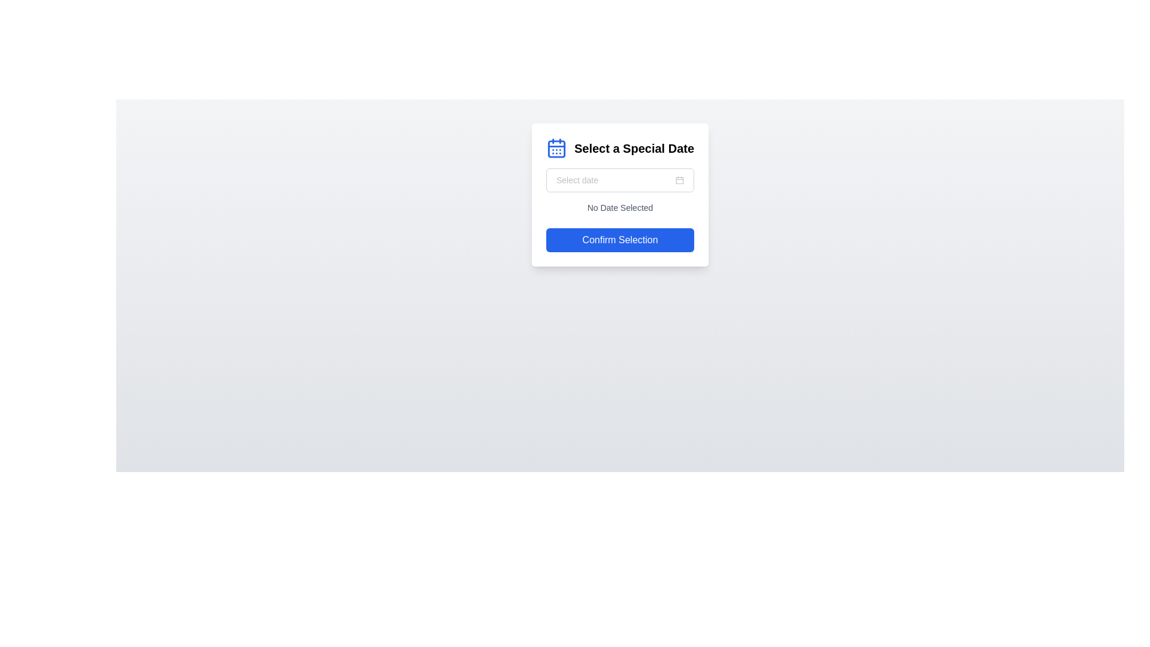 This screenshot has height=647, width=1150. What do you see at coordinates (620, 207) in the screenshot?
I see `the display-only text label indicating that no date has been chosen, which is located below the date selection input and above the 'Confirm Selection' button` at bounding box center [620, 207].